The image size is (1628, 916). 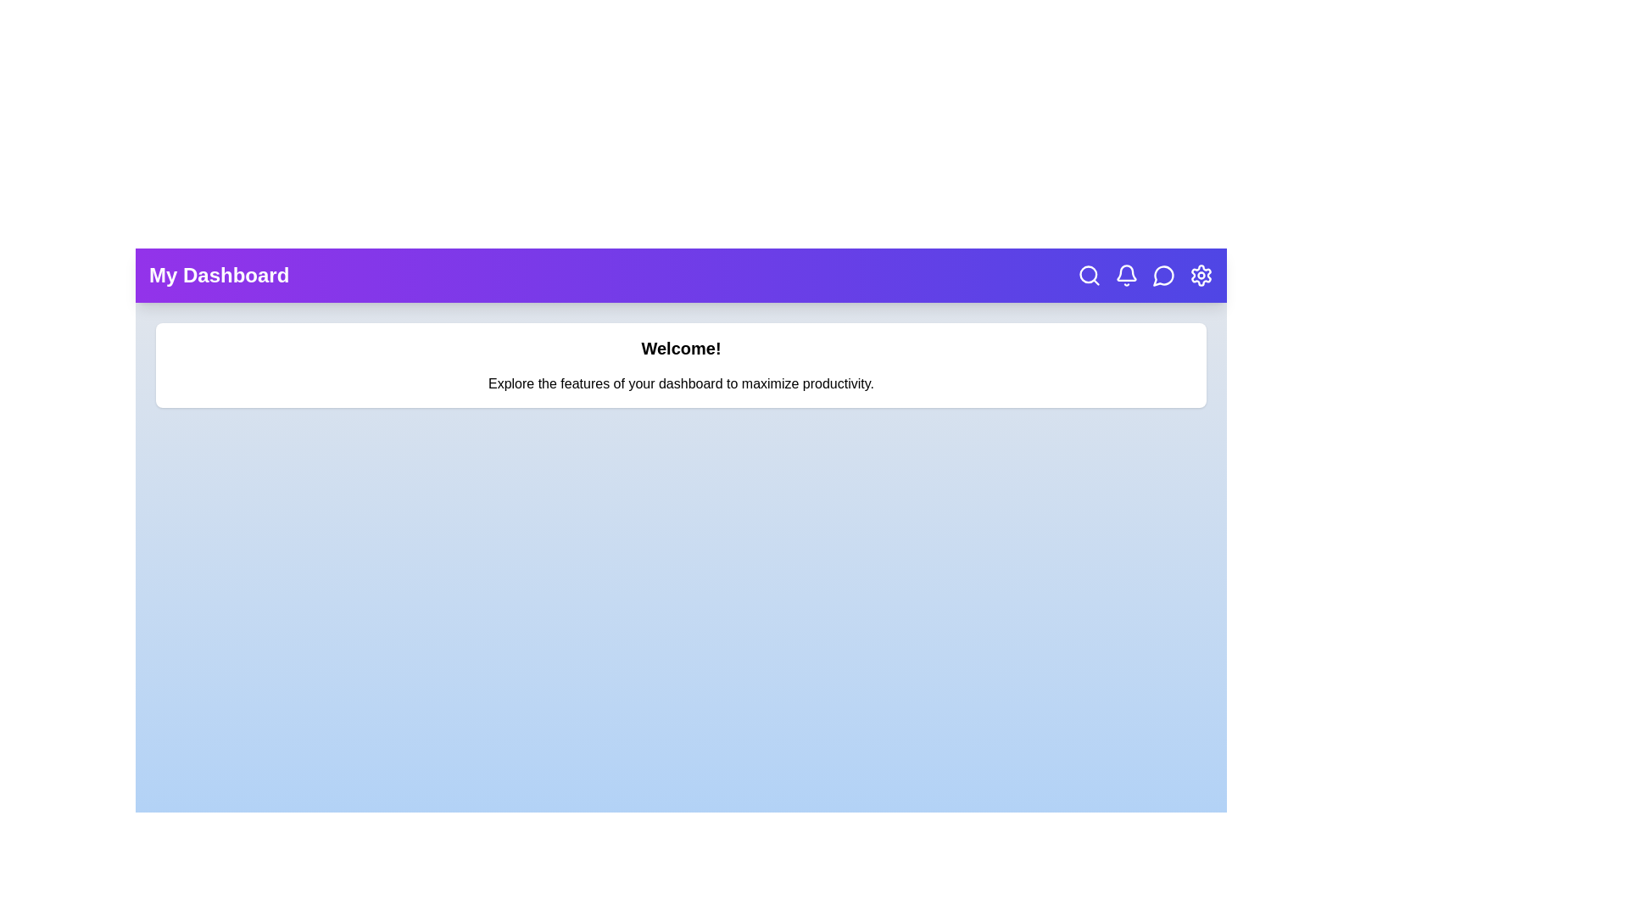 What do you see at coordinates (1090, 274) in the screenshot?
I see `the Search button to perform its associated action` at bounding box center [1090, 274].